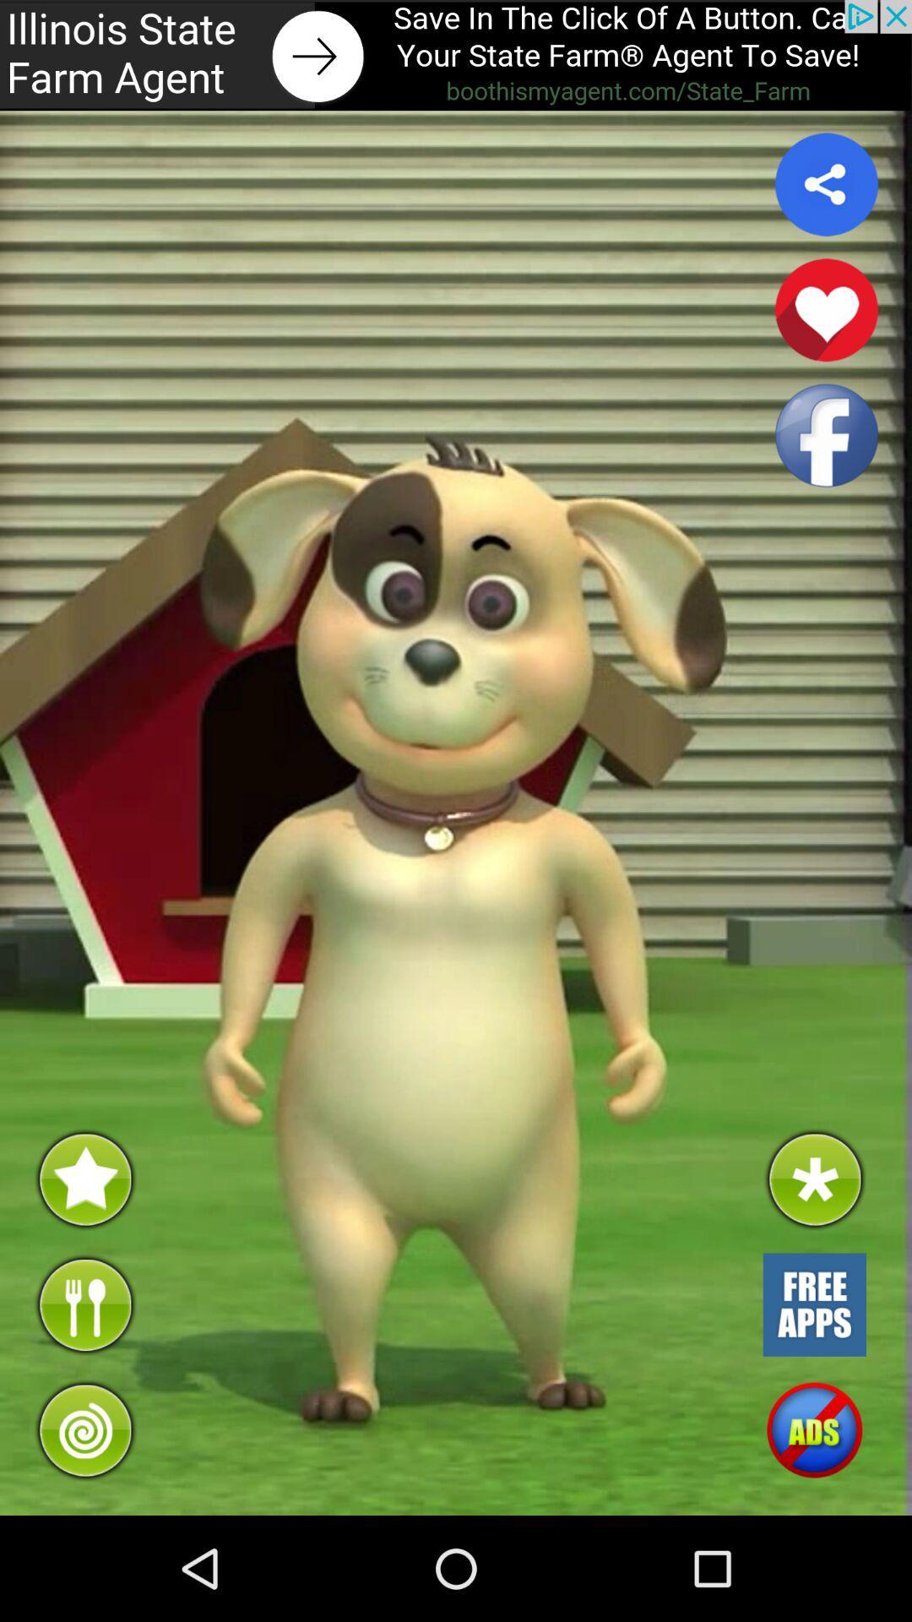  I want to click on link to advert, so click(456, 55).